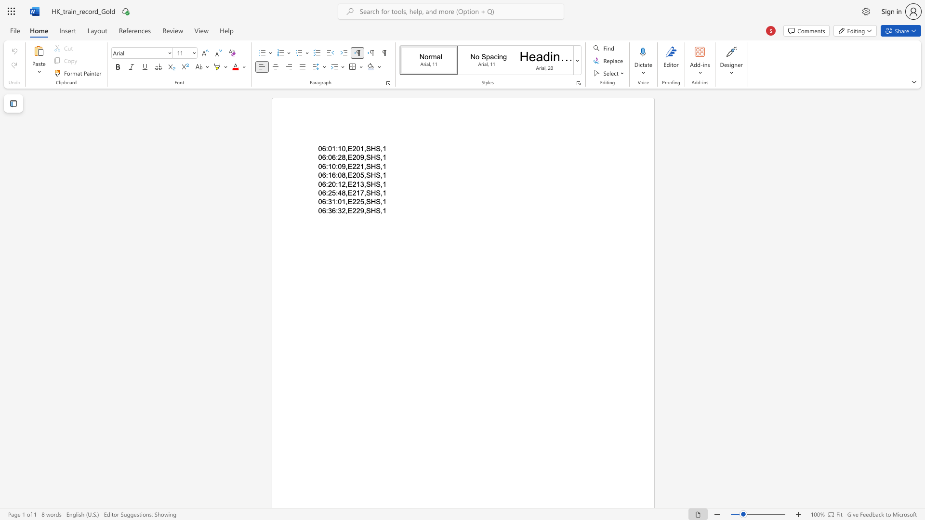 Image resolution: width=925 pixels, height=520 pixels. What do you see at coordinates (368, 184) in the screenshot?
I see `the 1th character "S" in the text` at bounding box center [368, 184].